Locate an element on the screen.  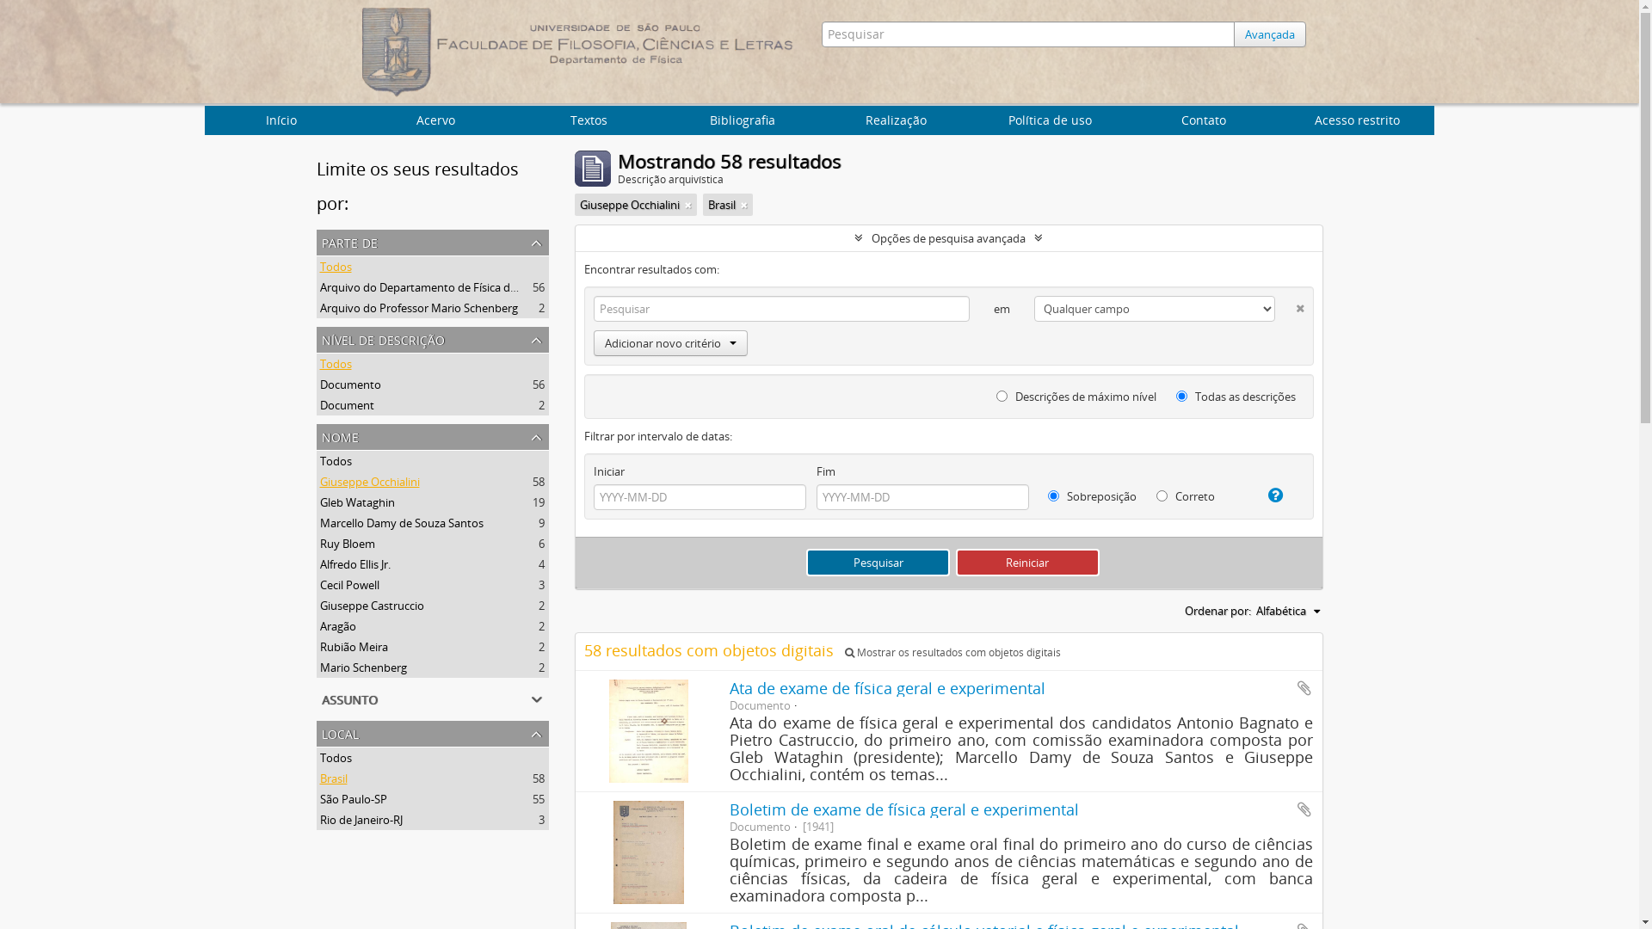
'Mario Schenberg' is located at coordinates (362, 666).